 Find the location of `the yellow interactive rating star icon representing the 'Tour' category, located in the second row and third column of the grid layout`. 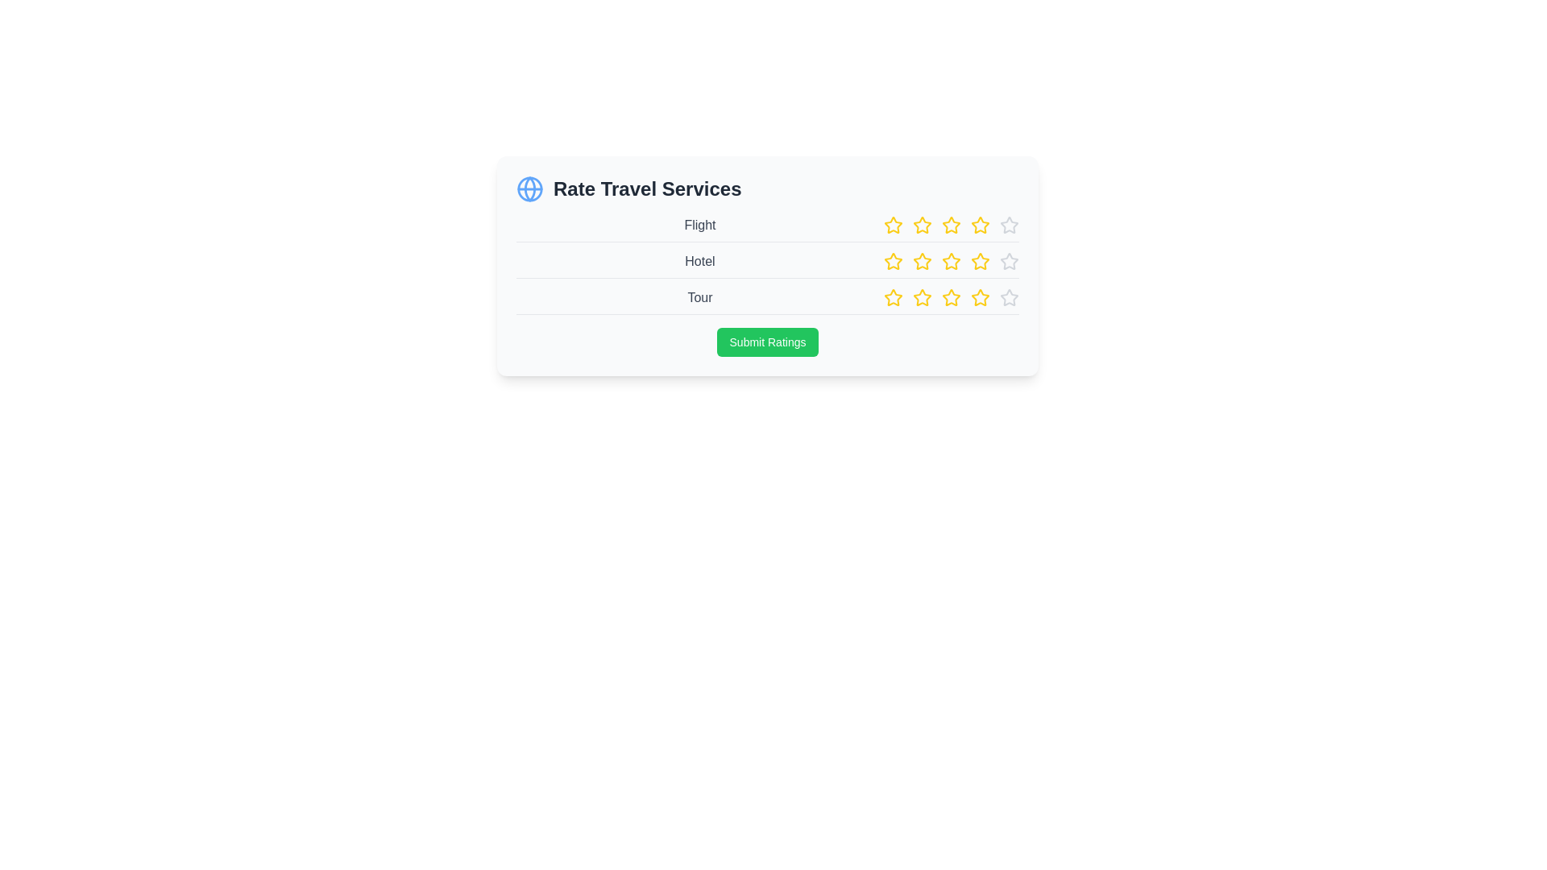

the yellow interactive rating star icon representing the 'Tour' category, located in the second row and third column of the grid layout is located at coordinates (980, 298).